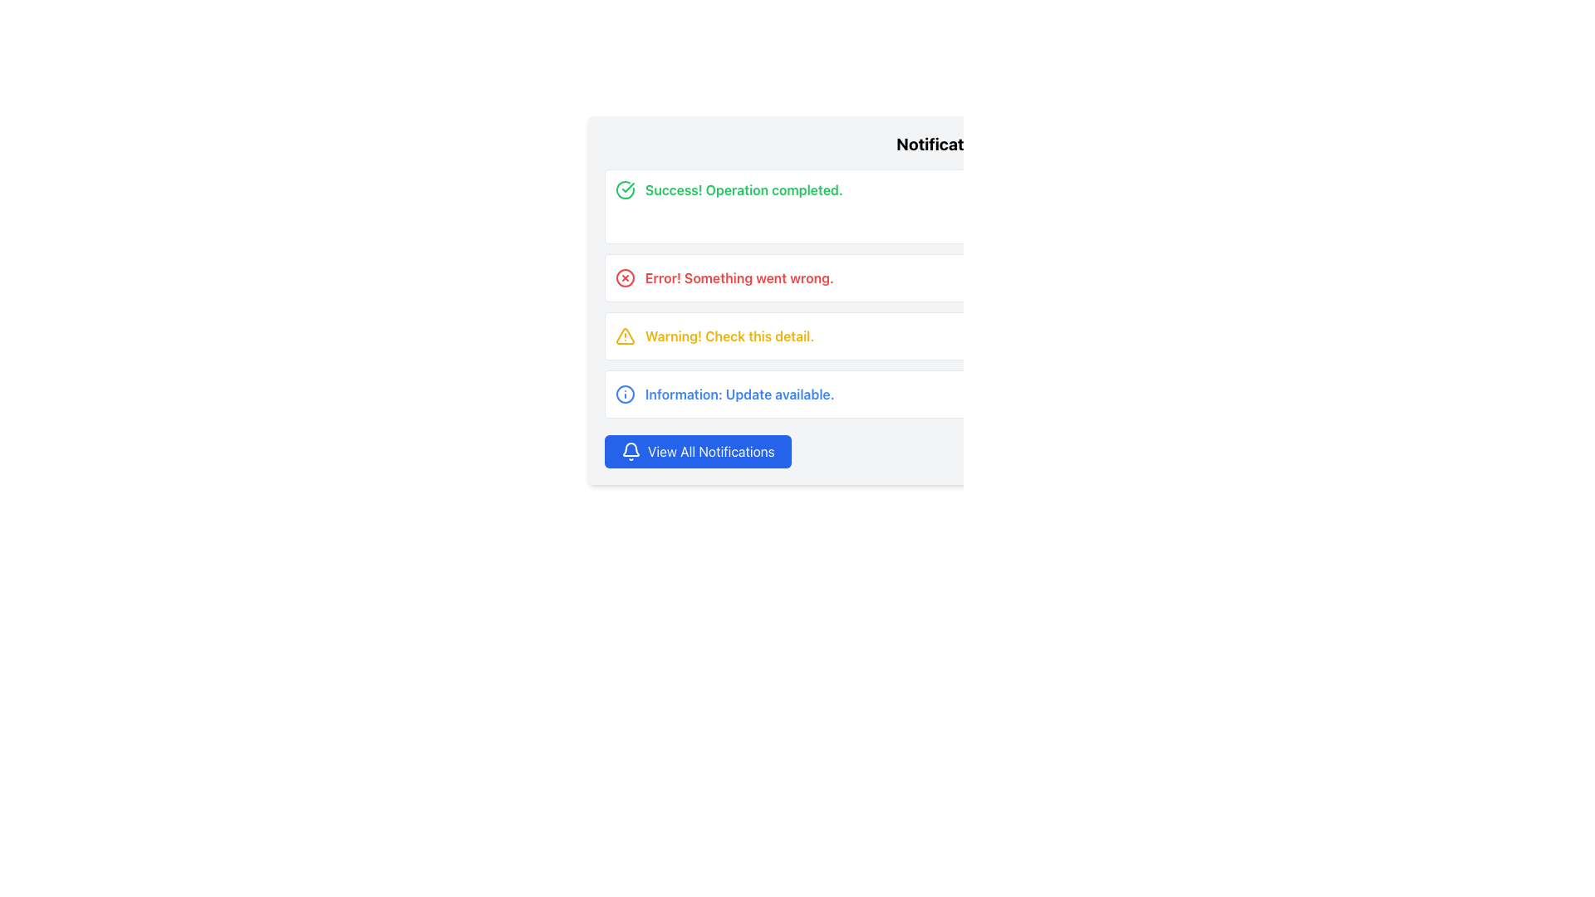 This screenshot has height=897, width=1595. I want to click on the decorative icon located to the left of the text 'Information: Update available.', which is the fourth notification entry in the column of notifications, so click(625, 394).